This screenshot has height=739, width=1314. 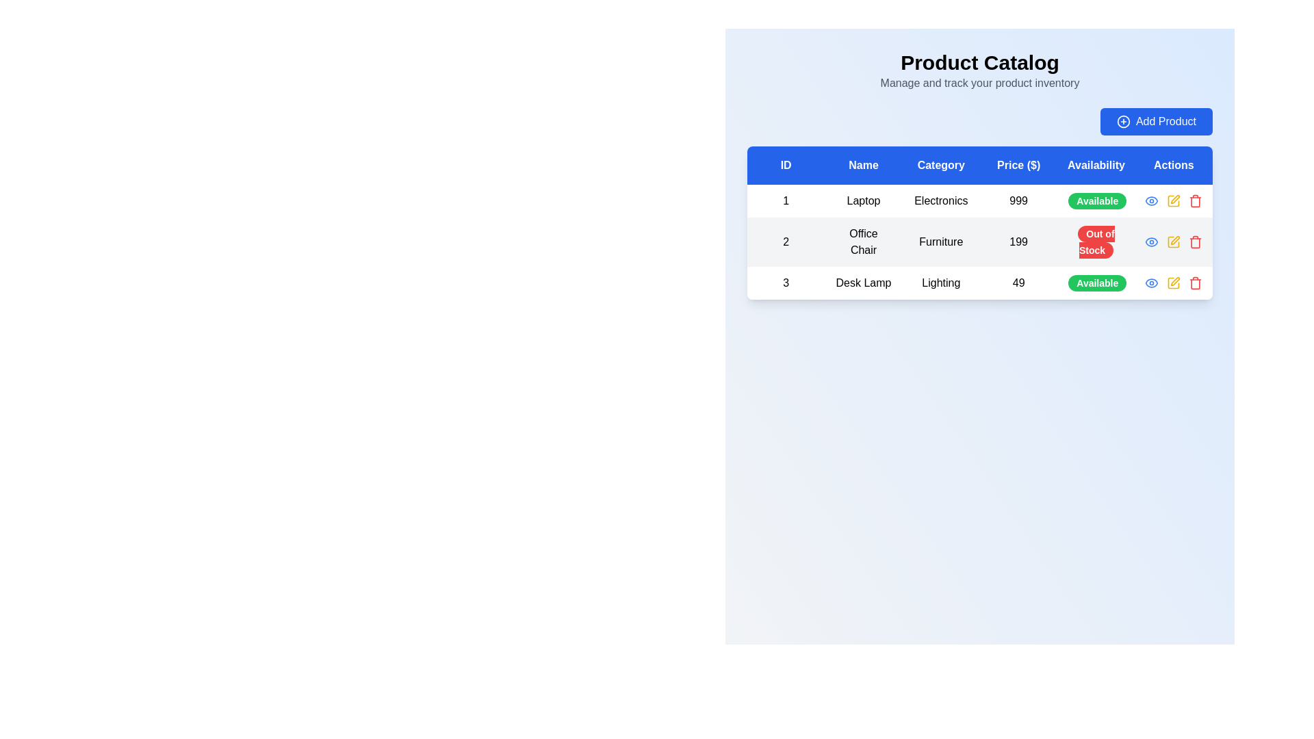 I want to click on the 'Laptop' text label located in the second column of the first row of the 'Product Catalog' table, under the 'Name' header, so click(x=863, y=200).